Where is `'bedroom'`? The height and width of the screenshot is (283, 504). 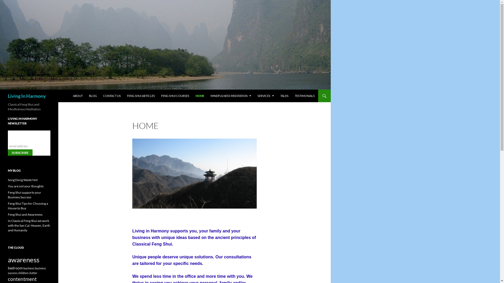
'bedroom' is located at coordinates (15, 268).